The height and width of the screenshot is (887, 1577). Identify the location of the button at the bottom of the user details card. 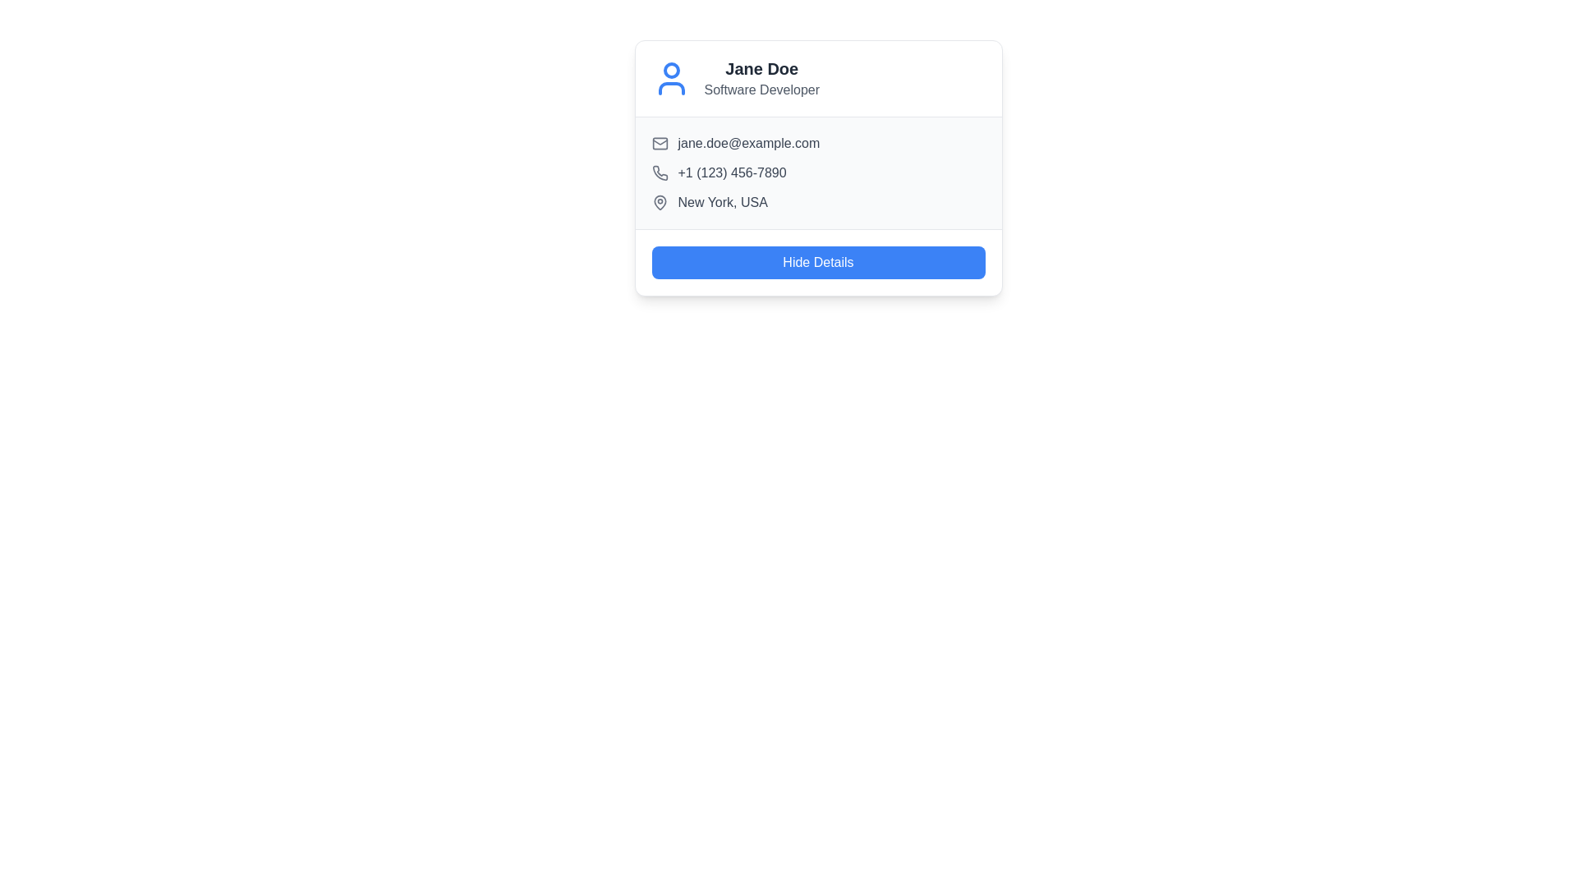
(818, 262).